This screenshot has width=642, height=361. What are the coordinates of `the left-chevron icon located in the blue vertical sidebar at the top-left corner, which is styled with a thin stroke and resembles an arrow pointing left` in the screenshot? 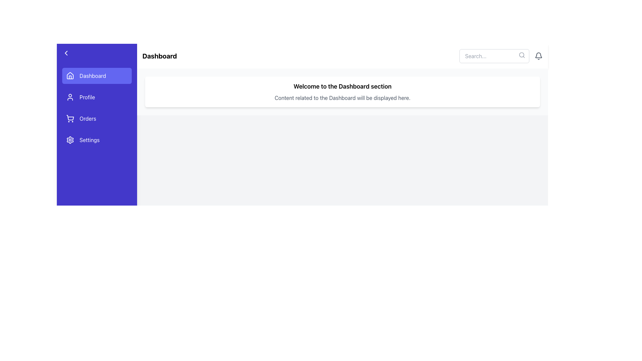 It's located at (66, 52).